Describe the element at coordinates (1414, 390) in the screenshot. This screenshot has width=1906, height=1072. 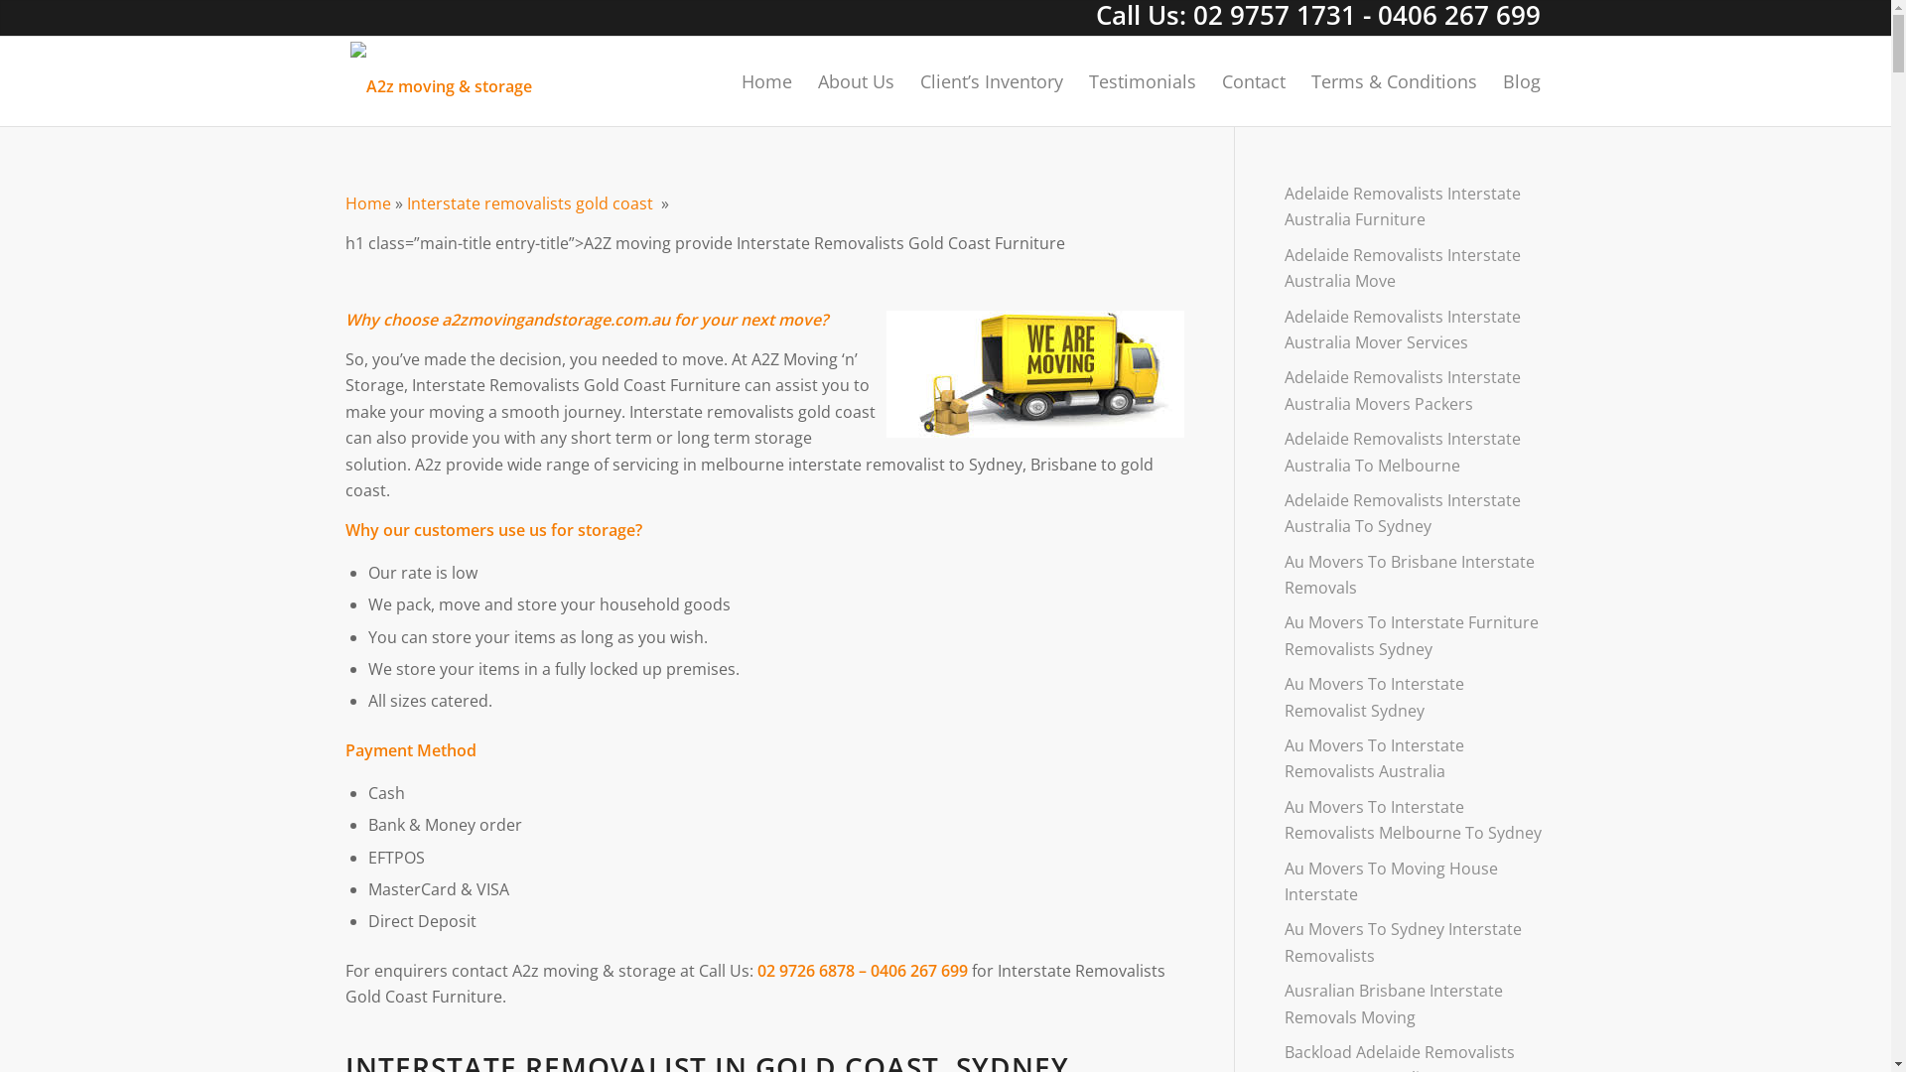
I see `'Adelaide Removalists Interstate Australia Movers Packers'` at that location.